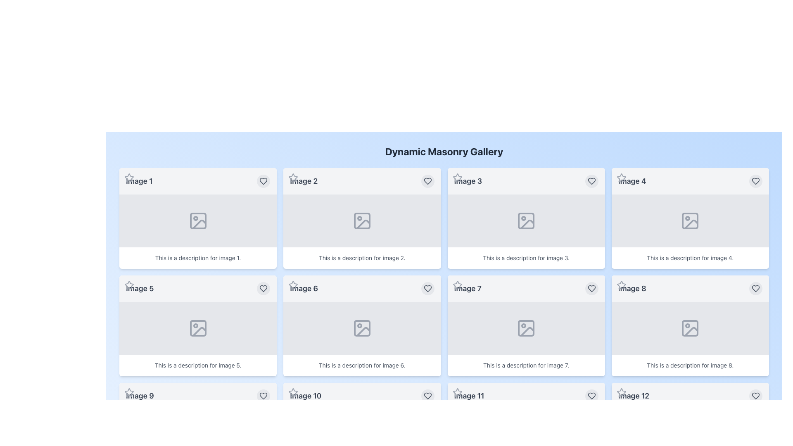 This screenshot has width=793, height=446. I want to click on the section, so click(444, 151).